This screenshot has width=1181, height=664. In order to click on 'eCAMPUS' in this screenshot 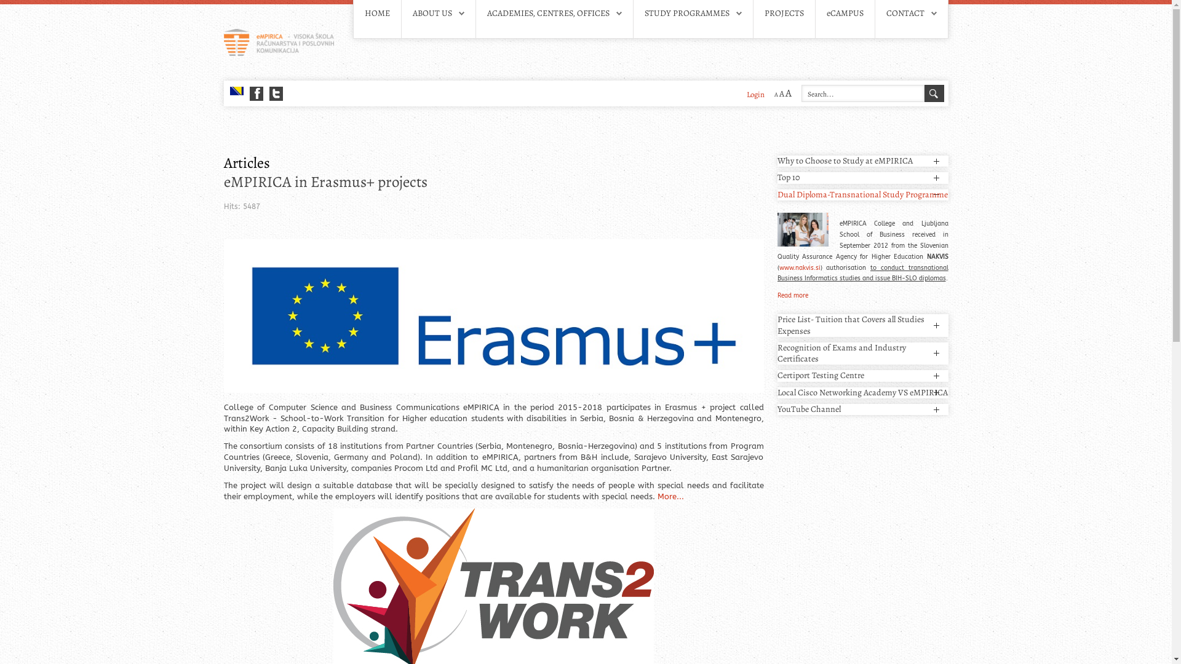, I will do `click(844, 13)`.